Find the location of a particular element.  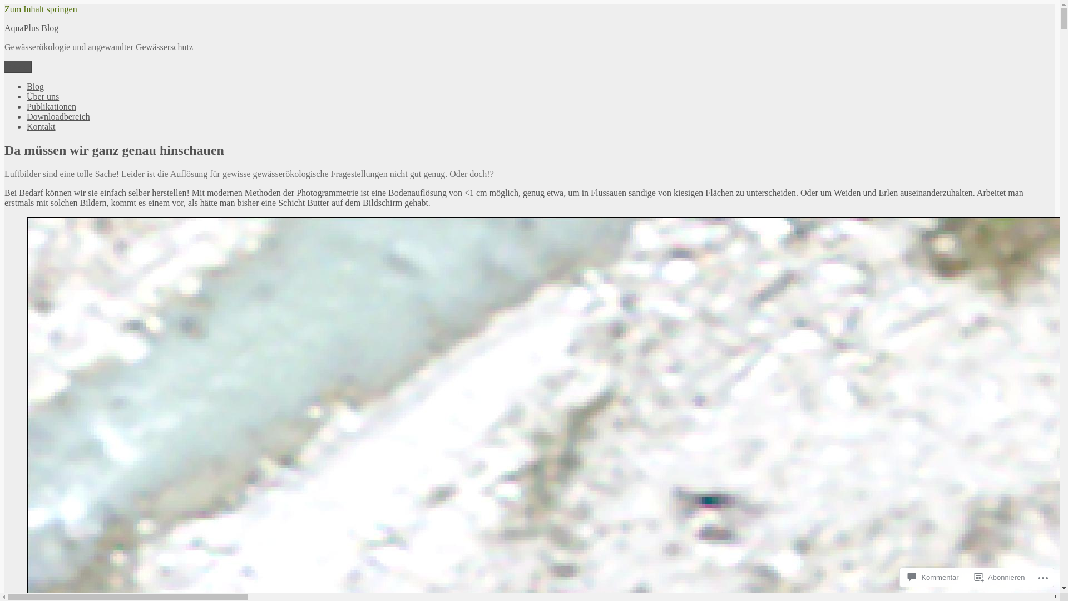

'AquaPlus Blog' is located at coordinates (4, 27).